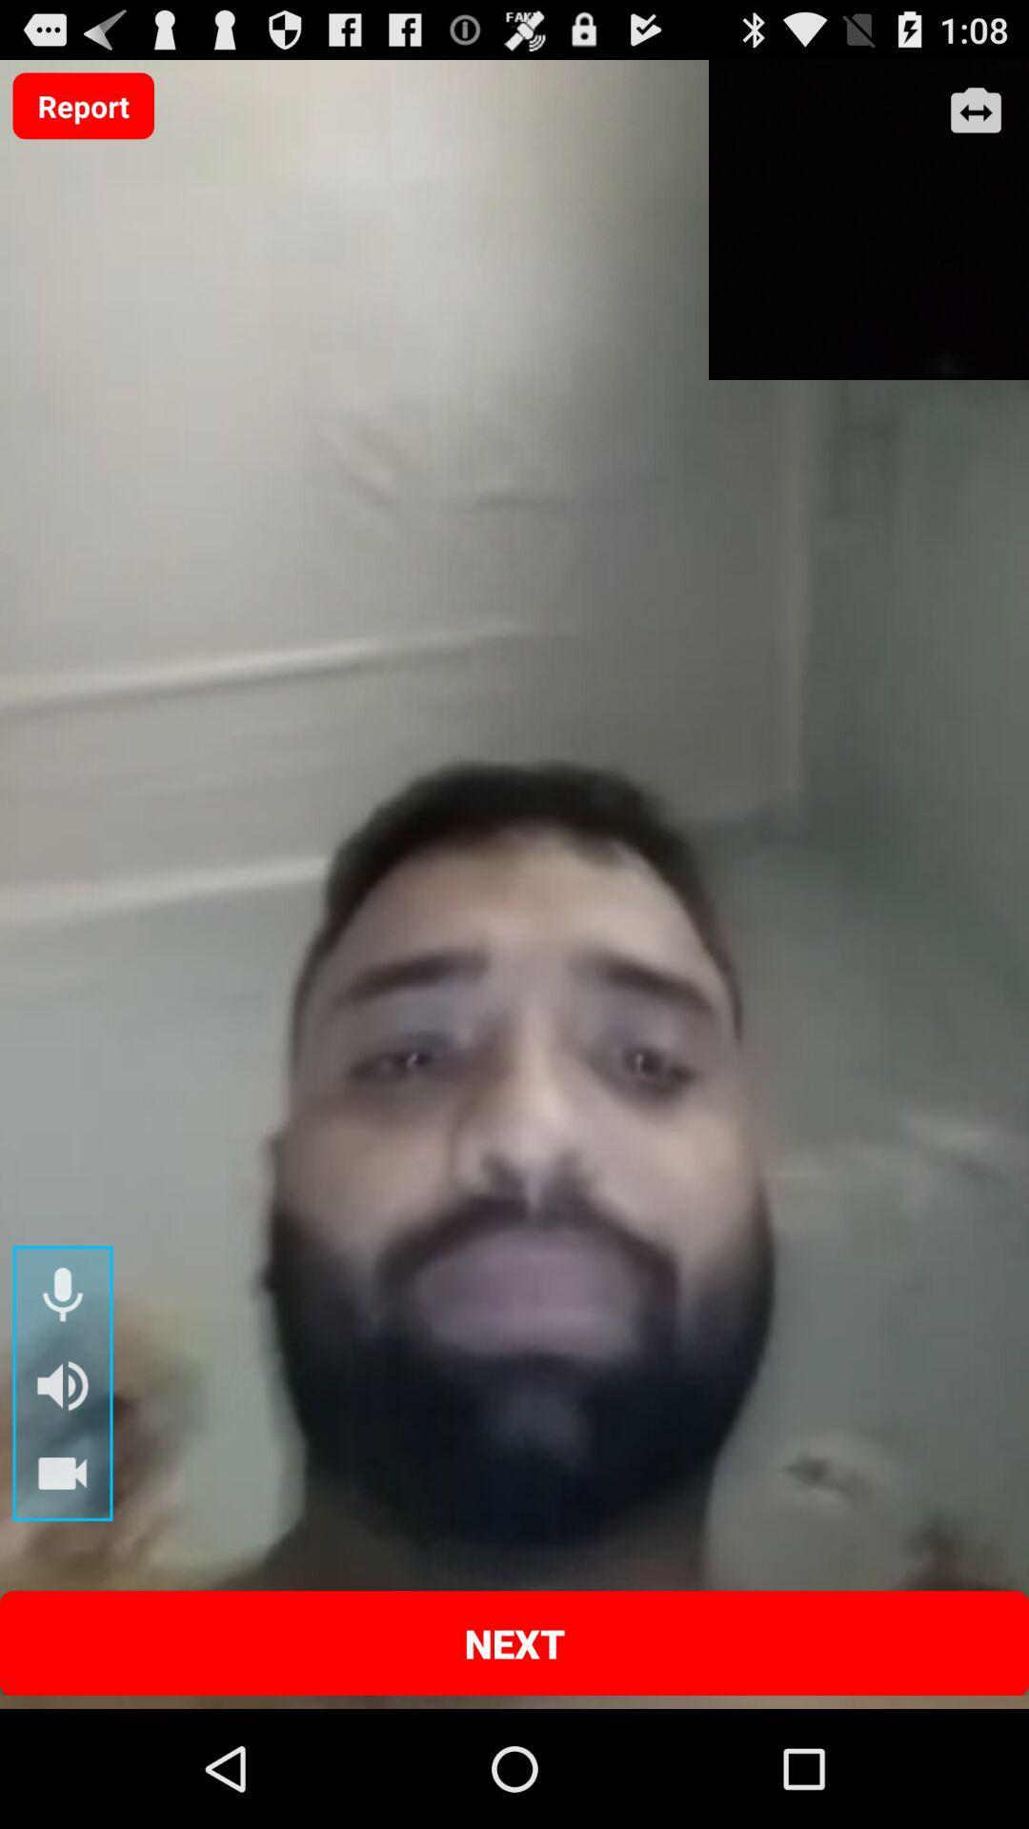 The height and width of the screenshot is (1829, 1029). I want to click on enlarge screen, so click(976, 111).